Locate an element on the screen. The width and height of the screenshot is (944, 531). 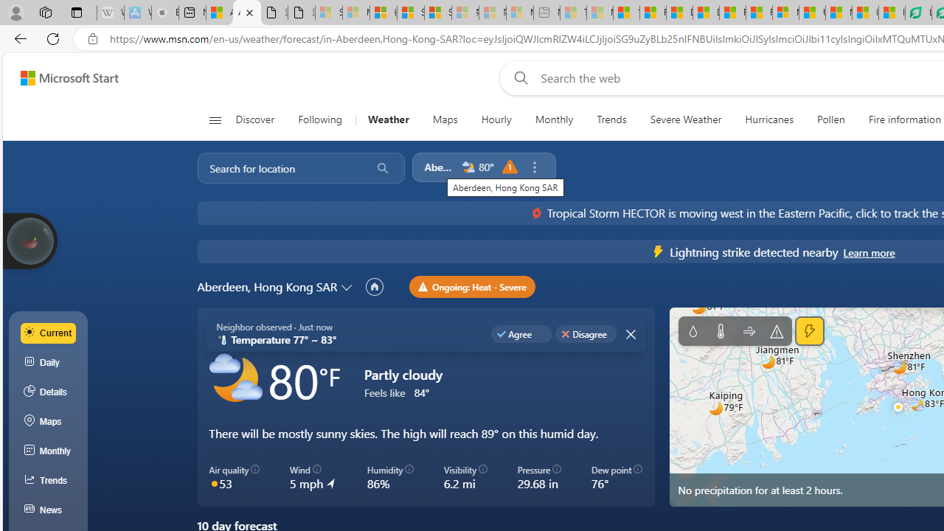
'Daily' is located at coordinates (48, 363).